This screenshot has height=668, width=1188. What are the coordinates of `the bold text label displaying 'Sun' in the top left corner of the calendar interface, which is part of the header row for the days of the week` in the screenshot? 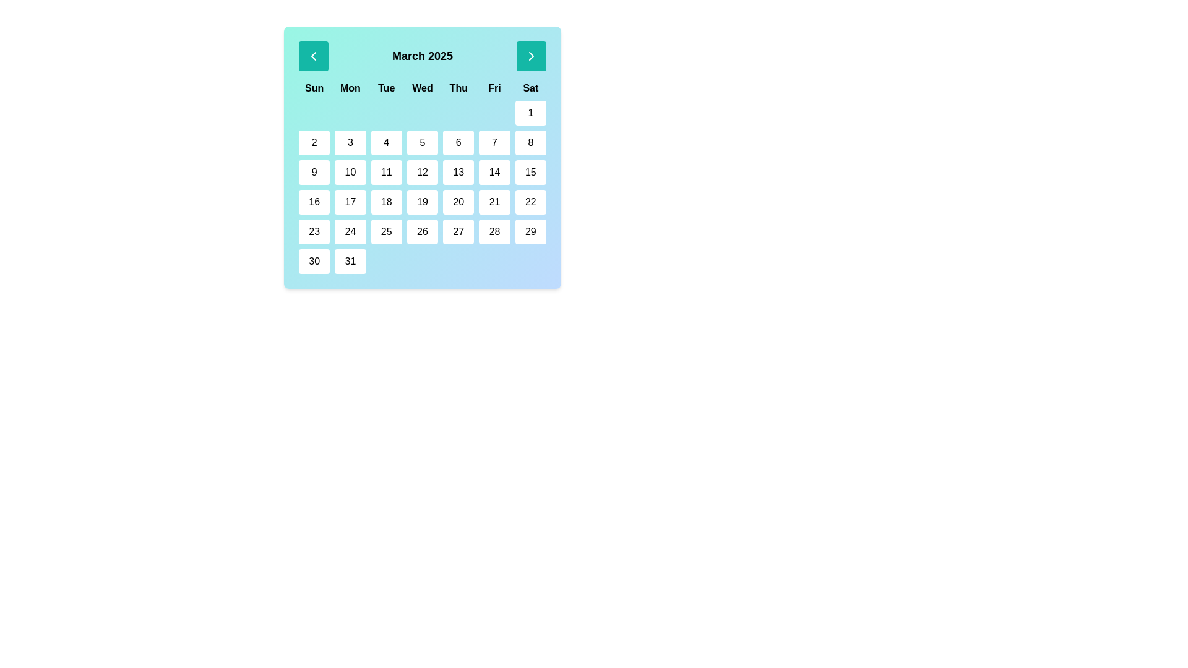 It's located at (314, 87).